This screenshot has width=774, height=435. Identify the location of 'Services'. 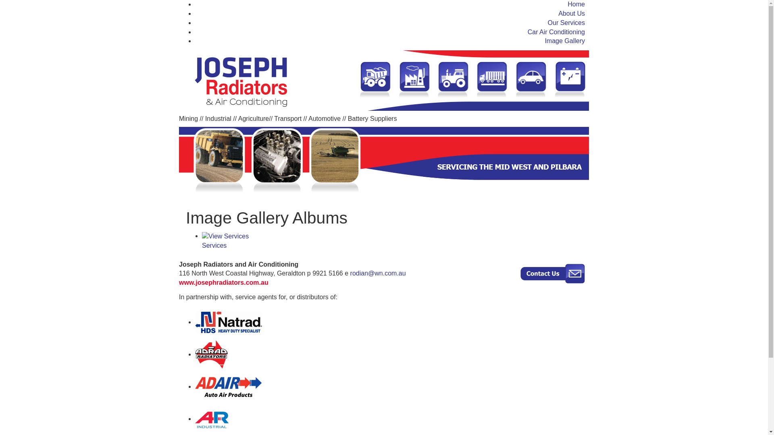
(393, 240).